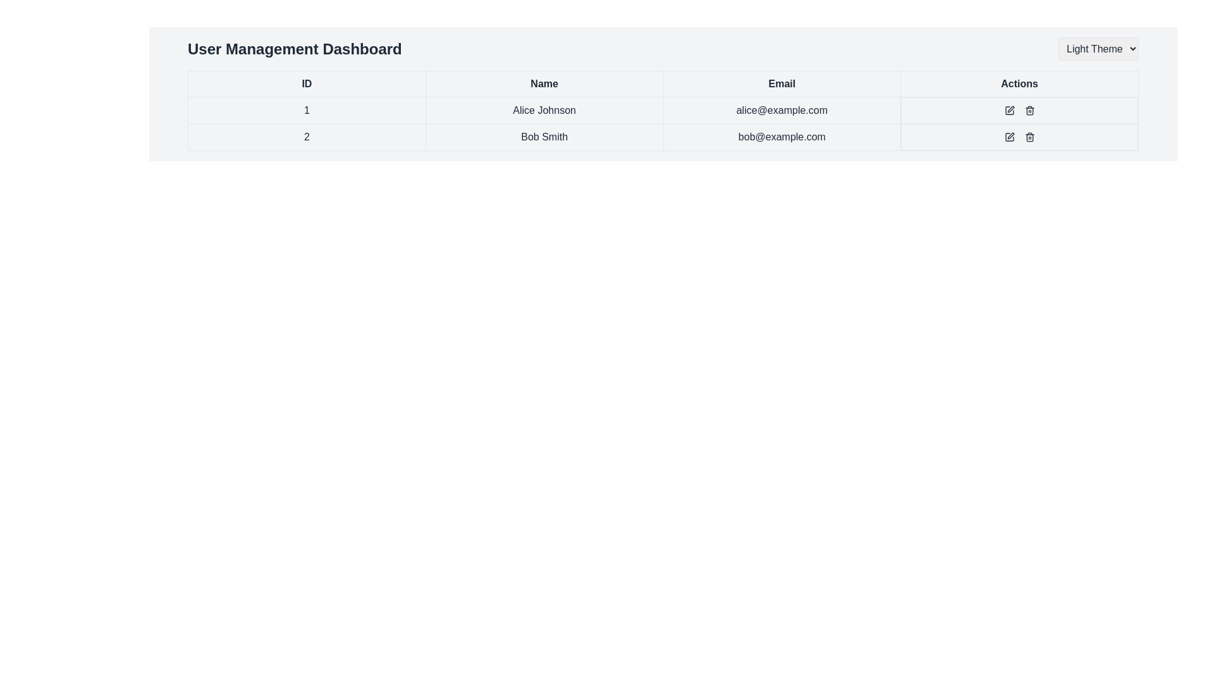  What do you see at coordinates (544, 109) in the screenshot?
I see `the text label displaying the name 'Alice Johnson', which is styled with a border and padding within its table cell, located in the 'Name' column` at bounding box center [544, 109].